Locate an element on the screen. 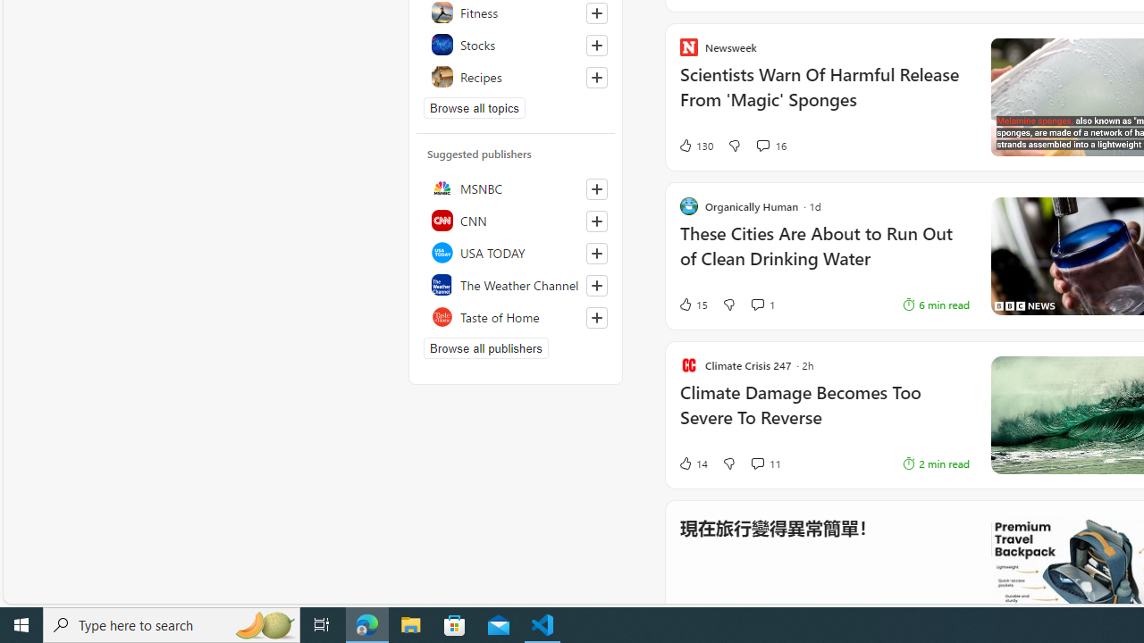 The height and width of the screenshot is (643, 1144). 'Browse all topics' is located at coordinates (475, 107).